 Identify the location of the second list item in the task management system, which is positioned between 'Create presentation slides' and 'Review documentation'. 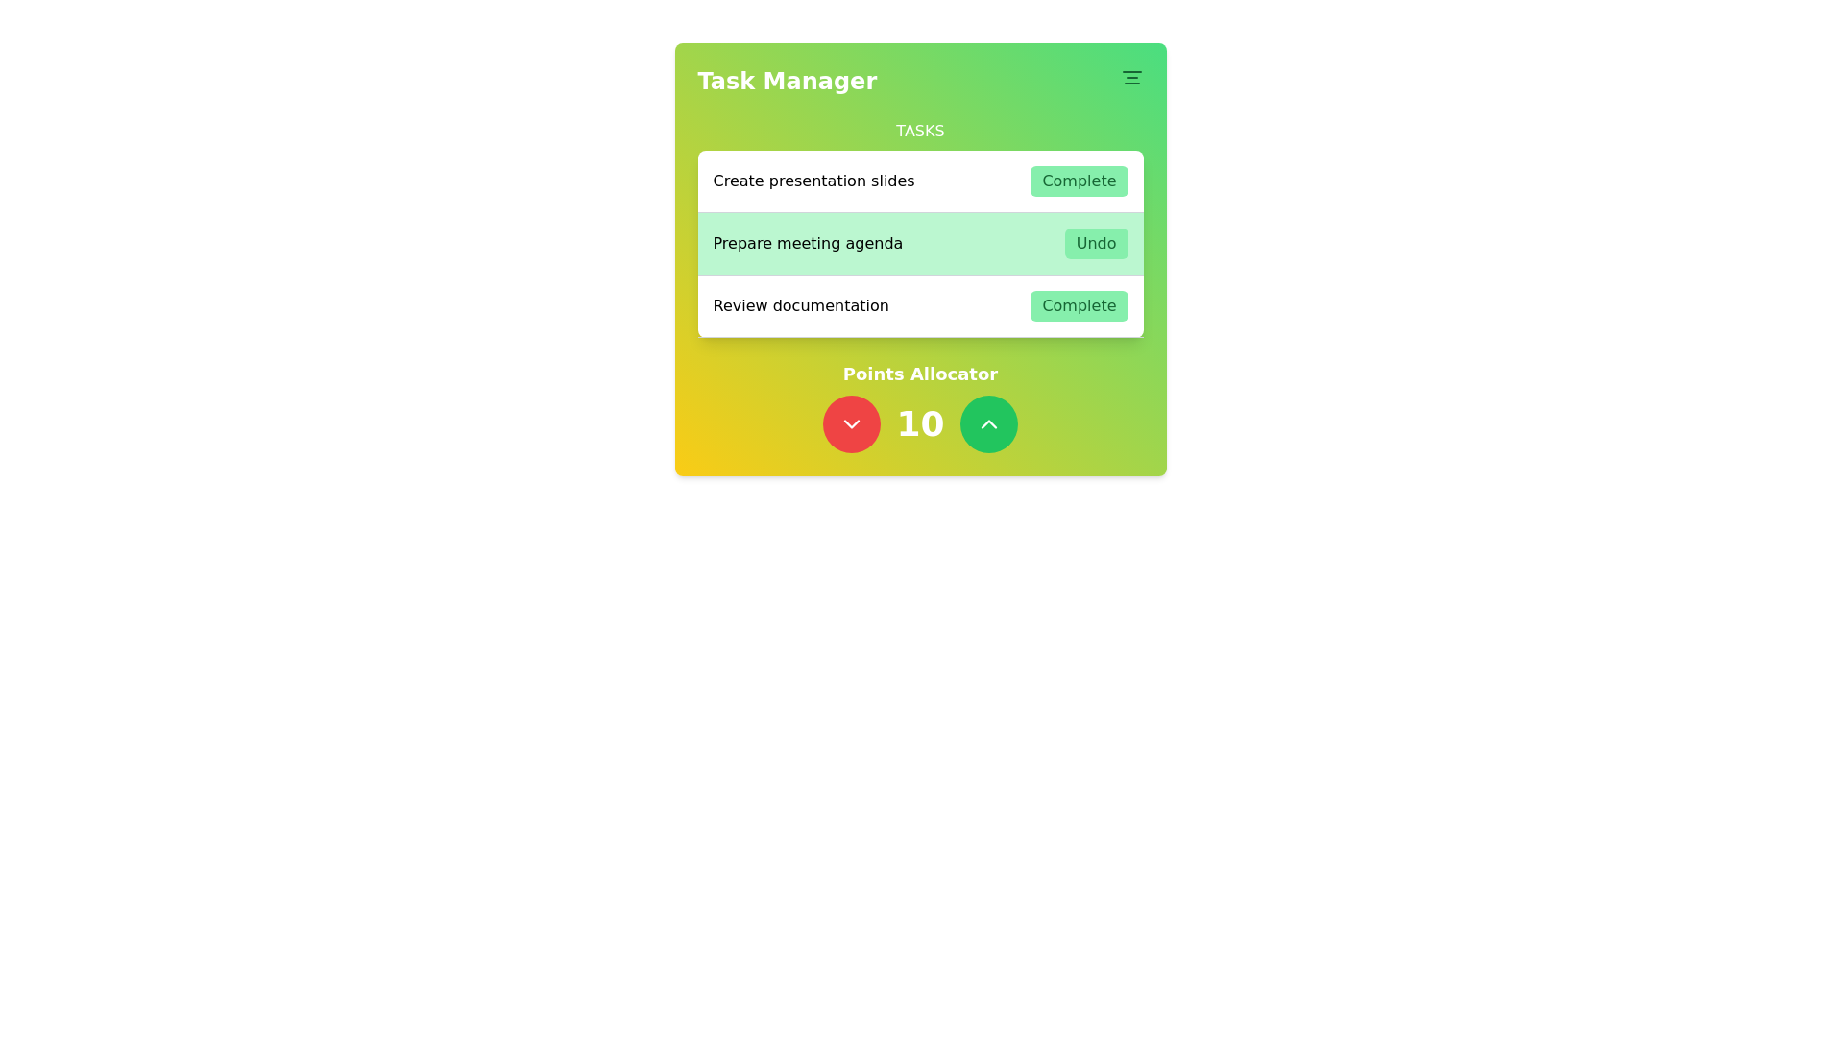
(919, 259).